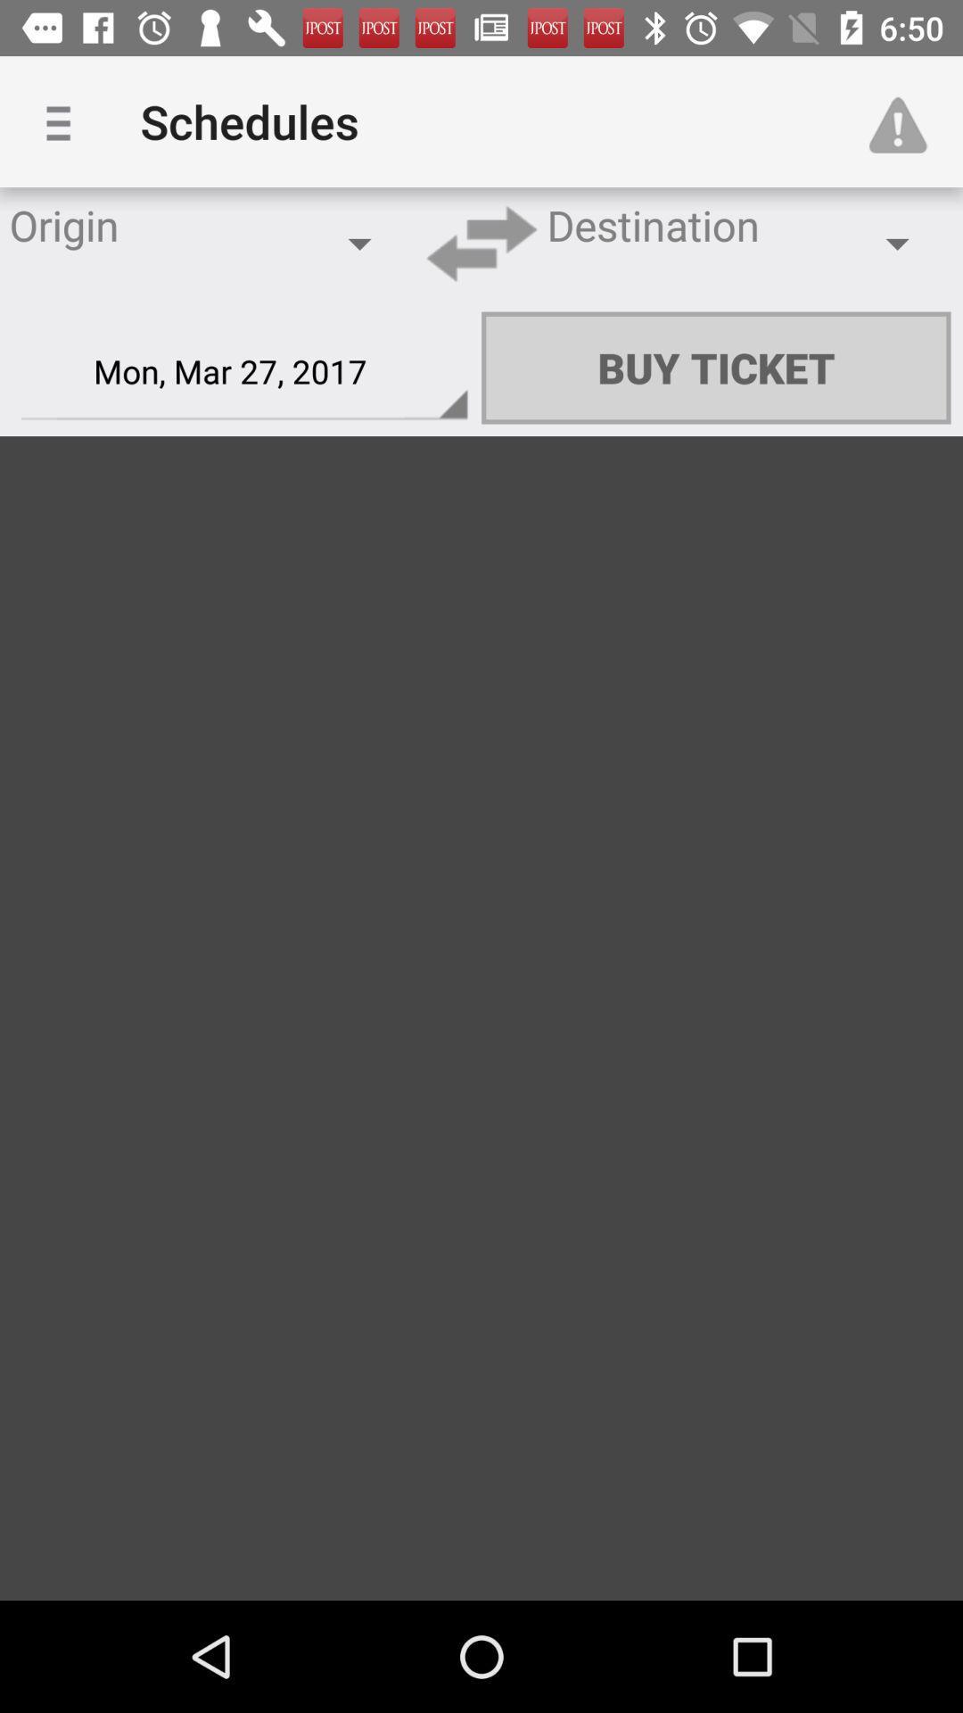  Describe the element at coordinates (715, 367) in the screenshot. I see `the buy ticket icon` at that location.